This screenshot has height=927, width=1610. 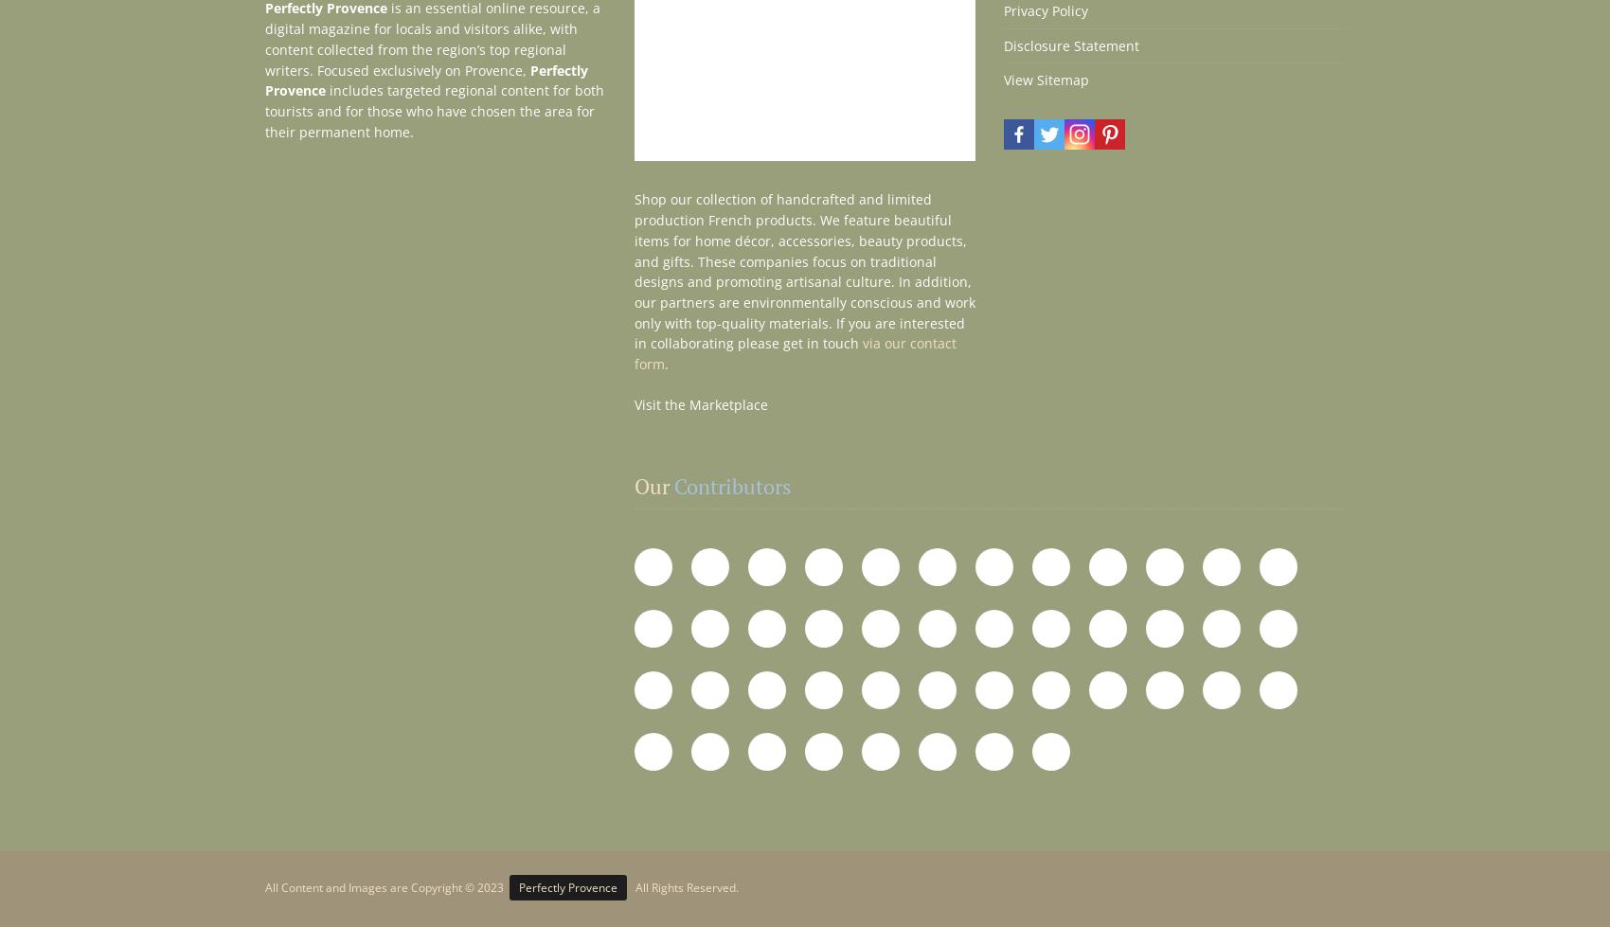 What do you see at coordinates (1046, 80) in the screenshot?
I see `'View Sitemap'` at bounding box center [1046, 80].